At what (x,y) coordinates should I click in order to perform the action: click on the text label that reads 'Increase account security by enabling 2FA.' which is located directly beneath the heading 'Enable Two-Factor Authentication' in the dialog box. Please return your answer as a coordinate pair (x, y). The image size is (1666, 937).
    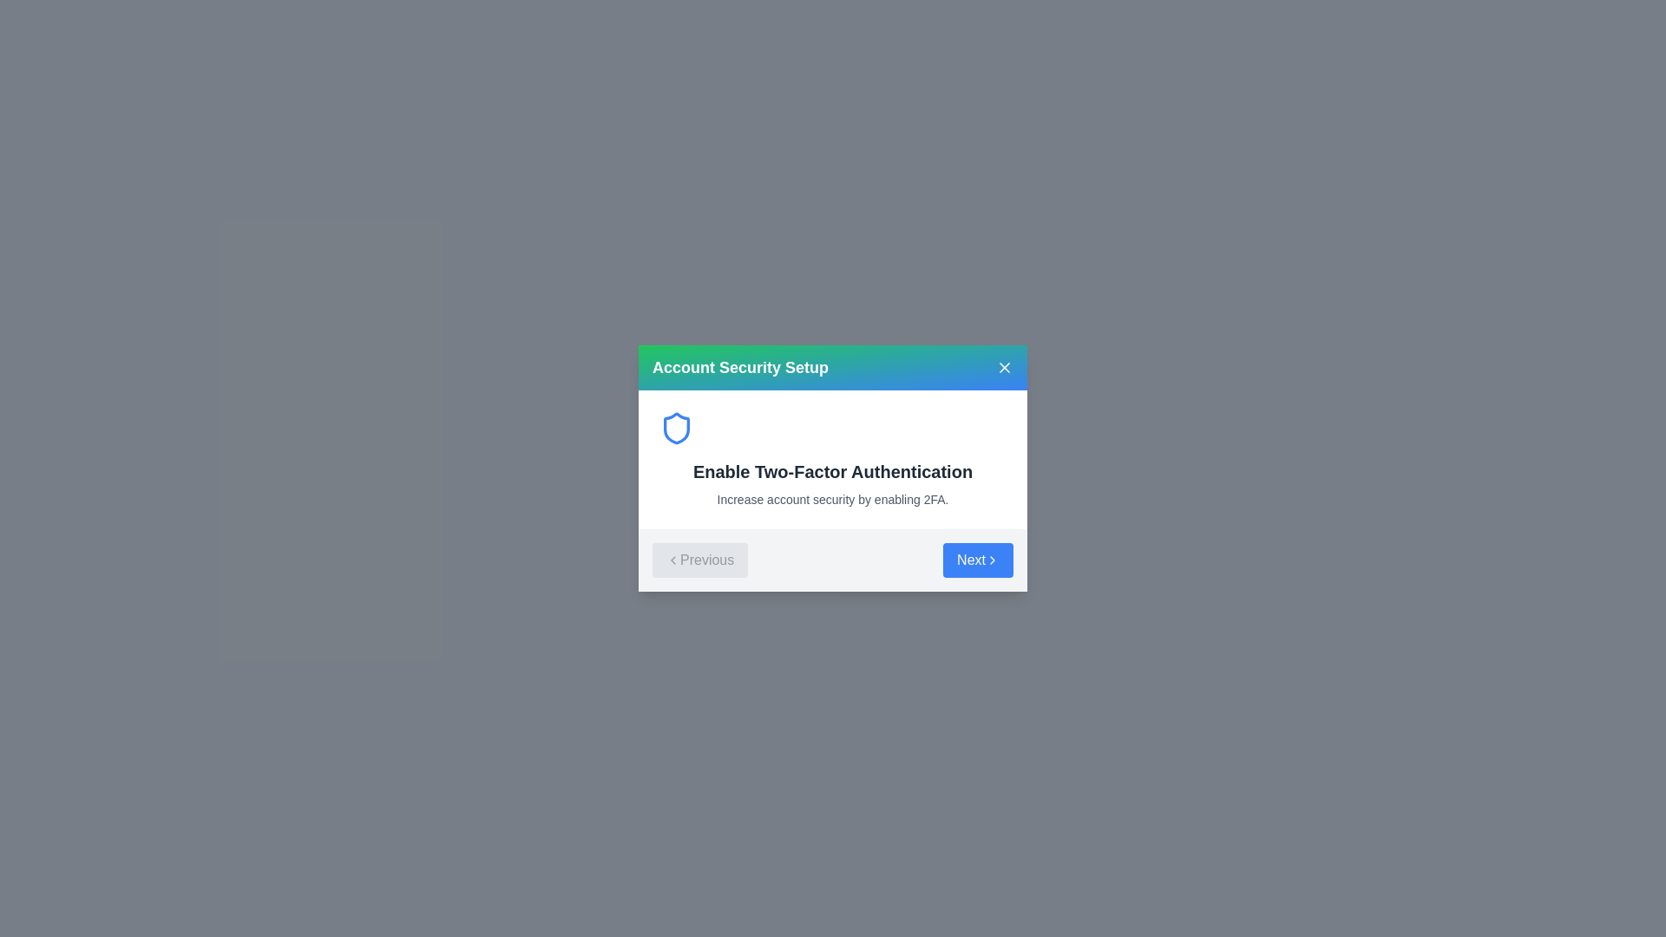
    Looking at the image, I should click on (833, 499).